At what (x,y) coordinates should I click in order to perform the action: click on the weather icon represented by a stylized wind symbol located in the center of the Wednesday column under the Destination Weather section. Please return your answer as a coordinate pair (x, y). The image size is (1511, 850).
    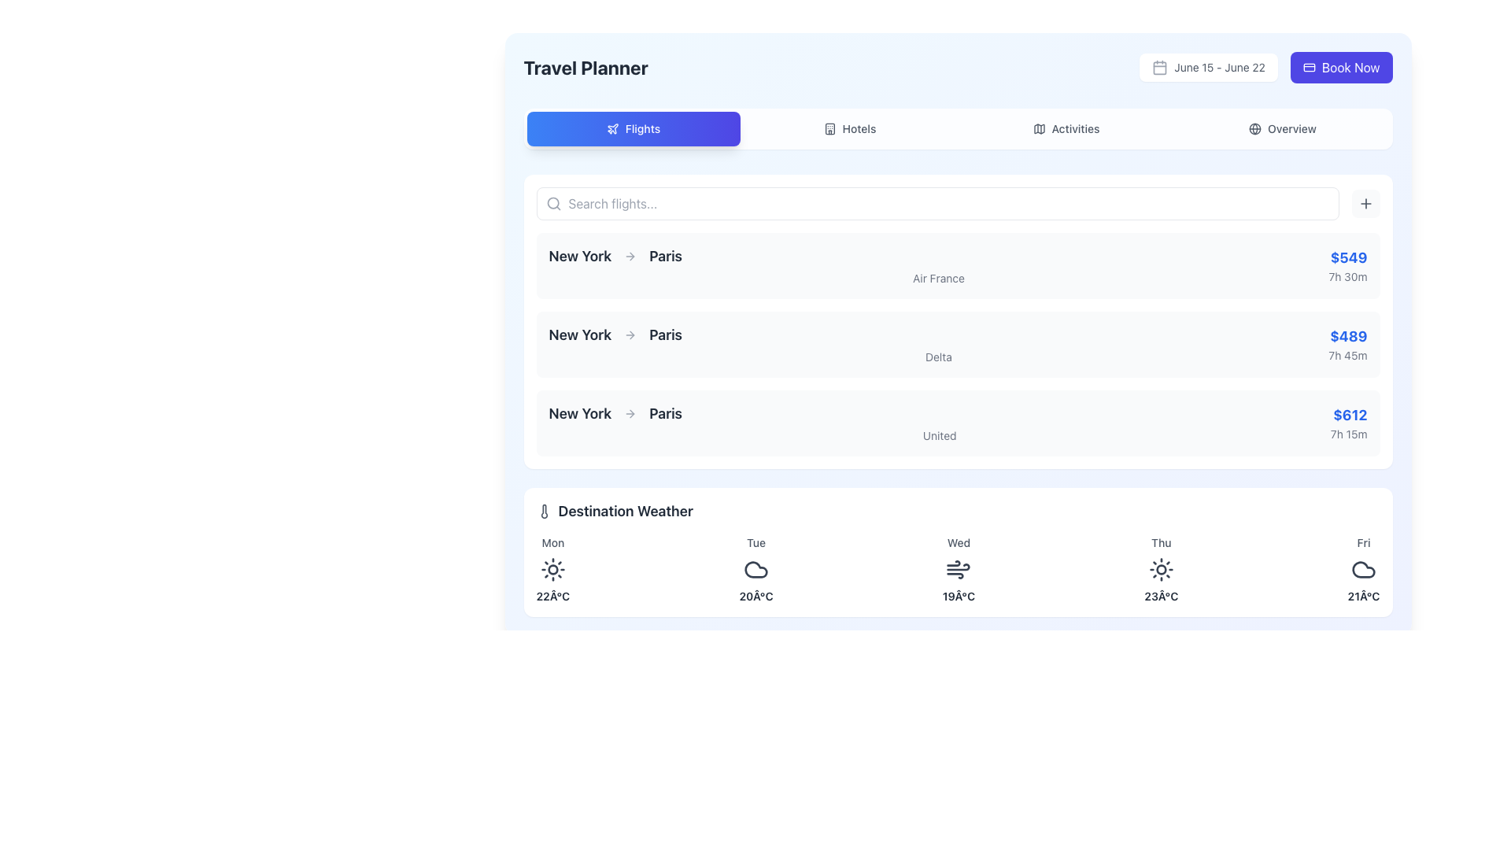
    Looking at the image, I should click on (955, 576).